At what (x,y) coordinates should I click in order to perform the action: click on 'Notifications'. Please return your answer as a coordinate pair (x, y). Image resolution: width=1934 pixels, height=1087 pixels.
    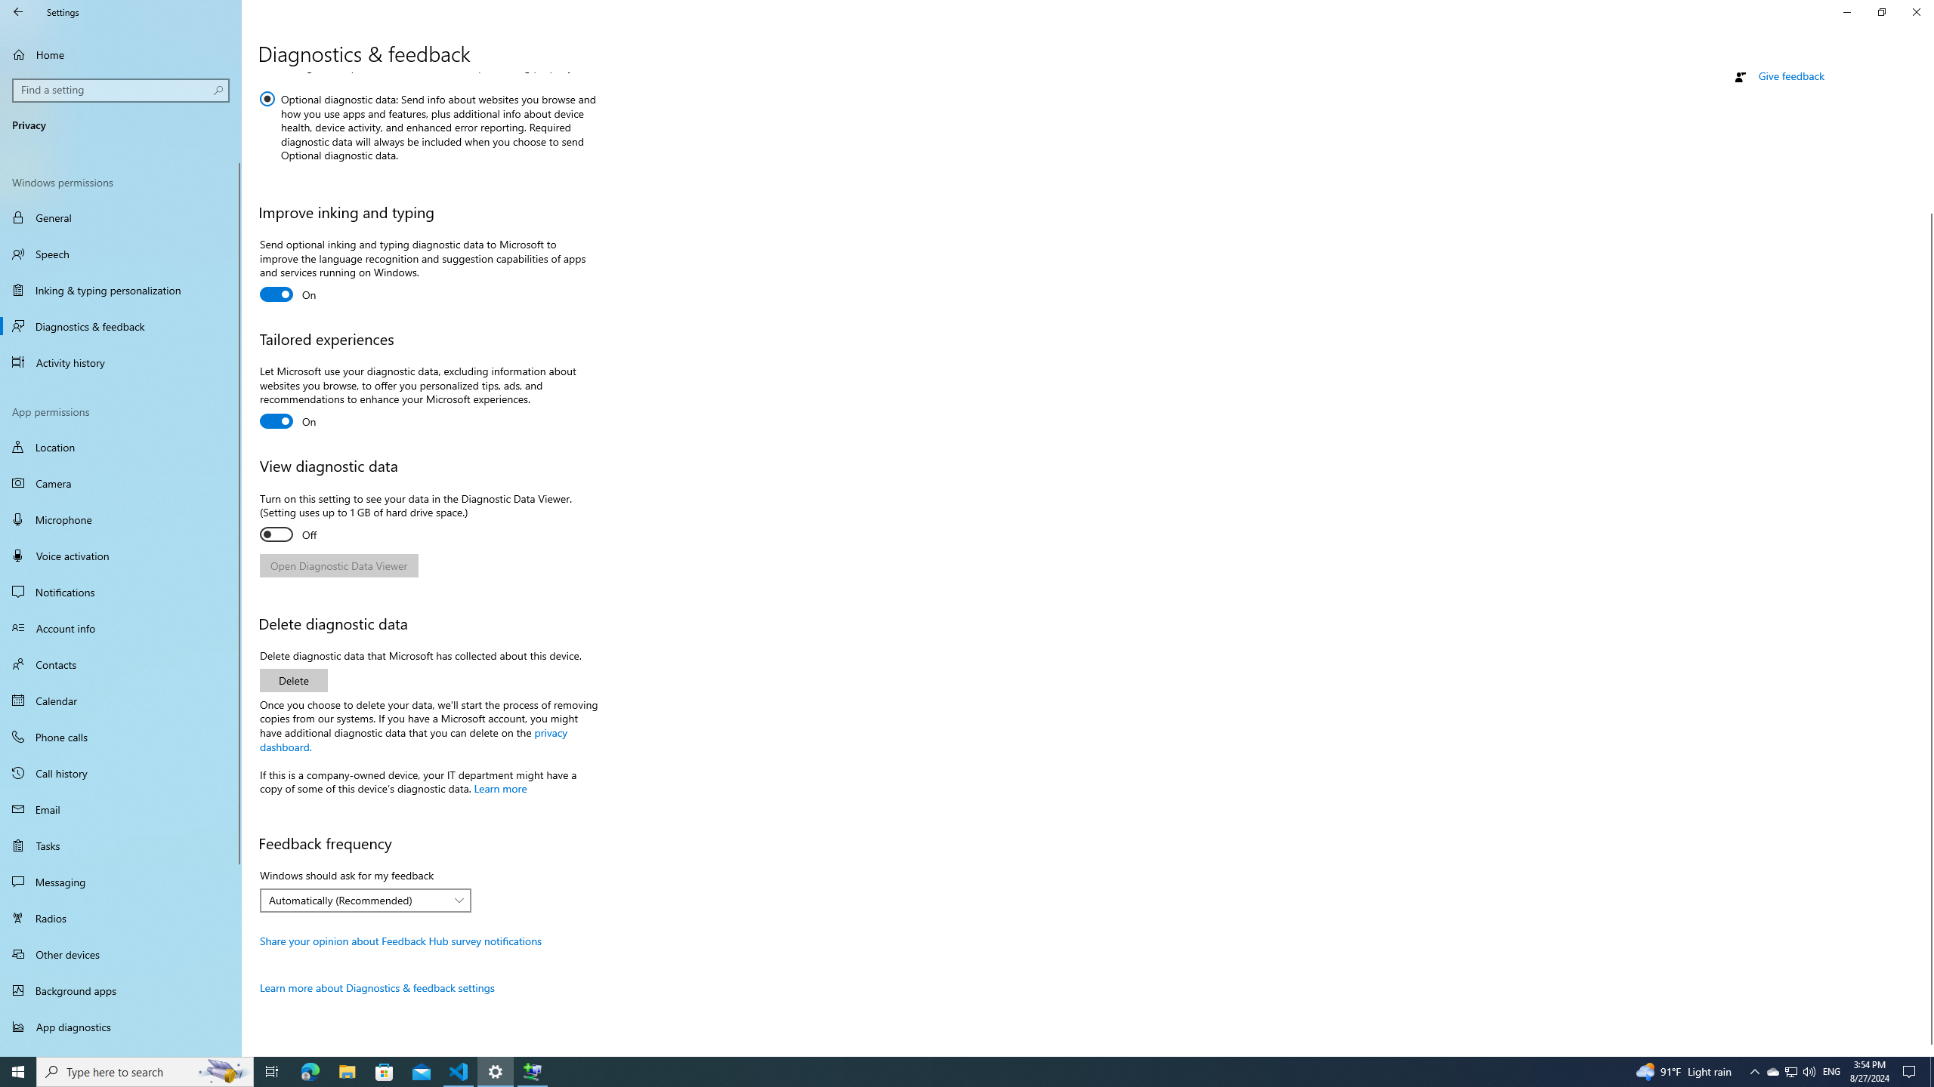
    Looking at the image, I should click on (120, 592).